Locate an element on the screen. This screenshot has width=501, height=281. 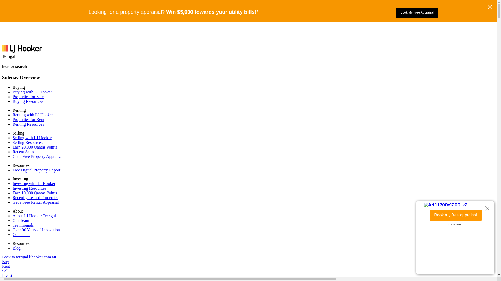
'Invest' is located at coordinates (2, 275).